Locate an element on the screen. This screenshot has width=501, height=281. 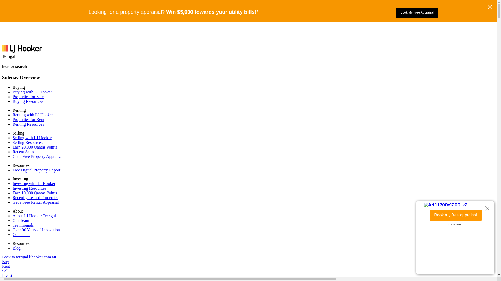
'Invest' is located at coordinates (2, 275).